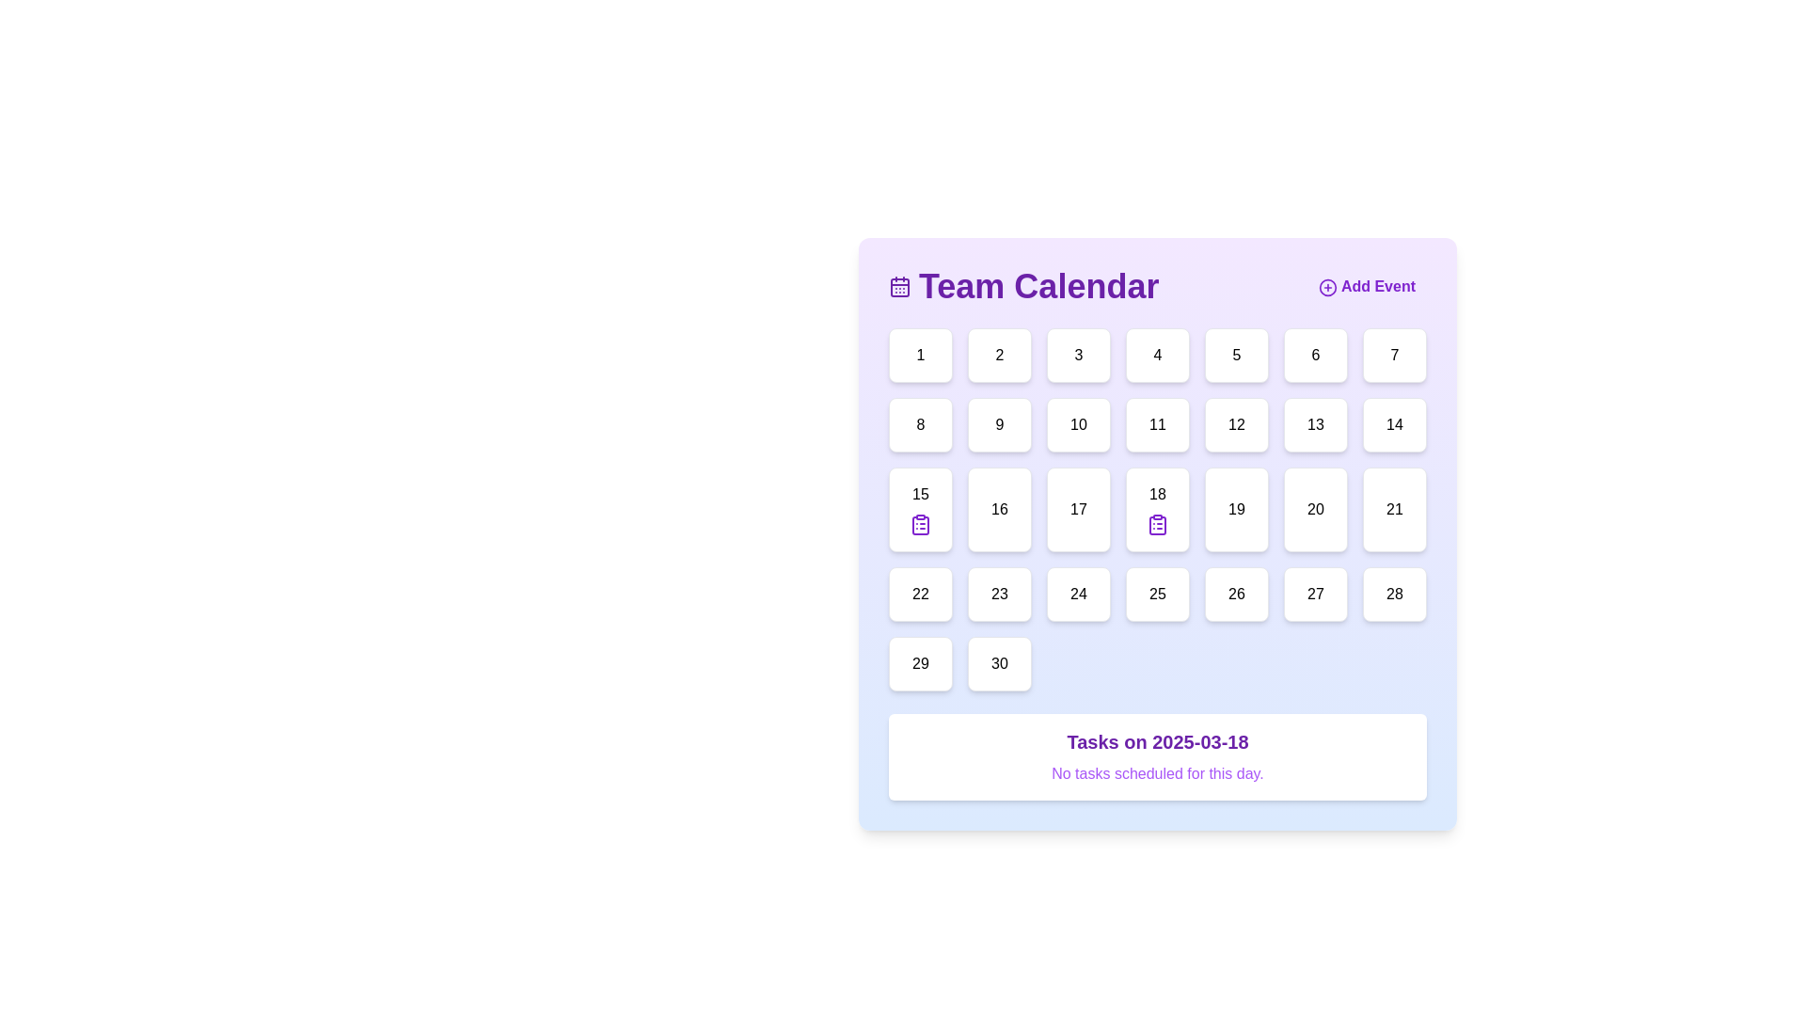 The height and width of the screenshot is (1016, 1806). Describe the element at coordinates (1314, 356) in the screenshot. I see `the button representing the date '6' in the calendar interface` at that location.